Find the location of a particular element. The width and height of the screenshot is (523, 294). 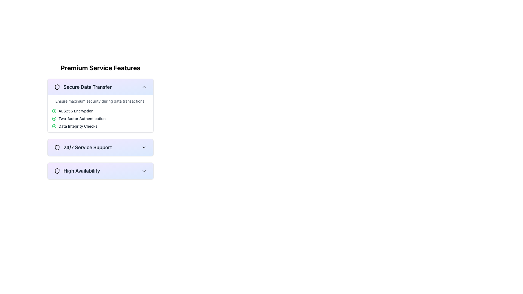

the label with the shield icon and the text 'High Availability', which is located in the third row of premium service features with a gradient background is located at coordinates (77, 171).